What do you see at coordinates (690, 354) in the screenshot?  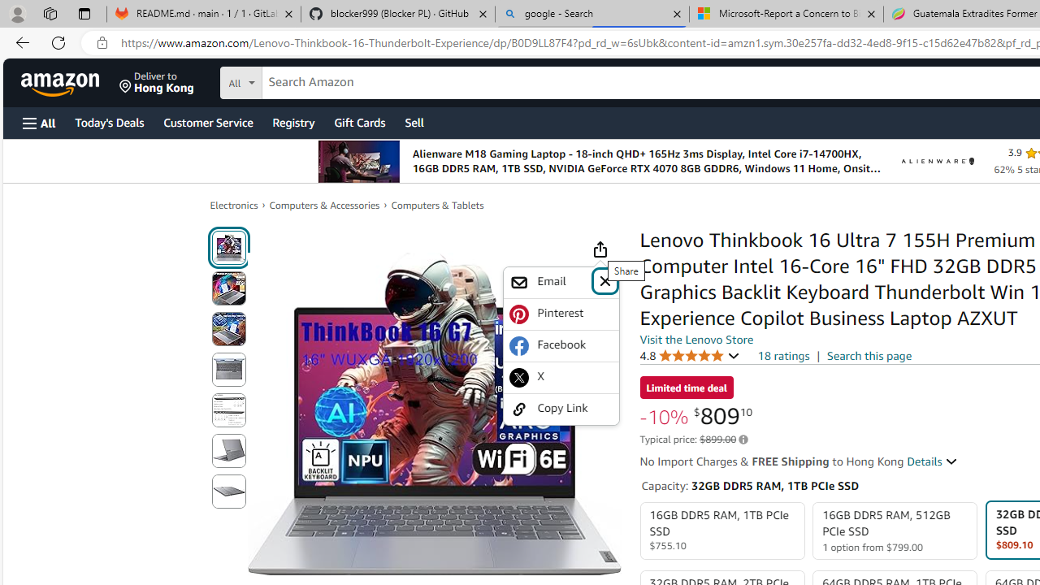 I see `'4.8 4.8 out of 5 stars'` at bounding box center [690, 354].